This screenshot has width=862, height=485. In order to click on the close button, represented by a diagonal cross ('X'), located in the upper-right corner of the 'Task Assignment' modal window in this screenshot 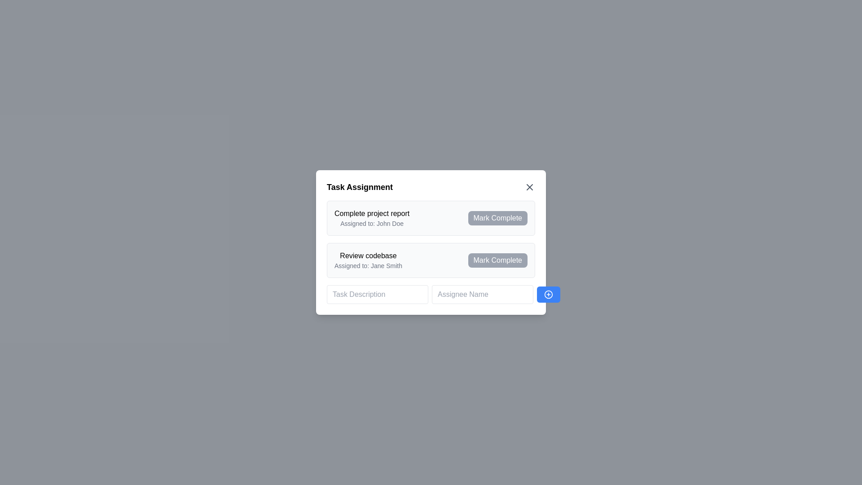, I will do `click(530, 186)`.